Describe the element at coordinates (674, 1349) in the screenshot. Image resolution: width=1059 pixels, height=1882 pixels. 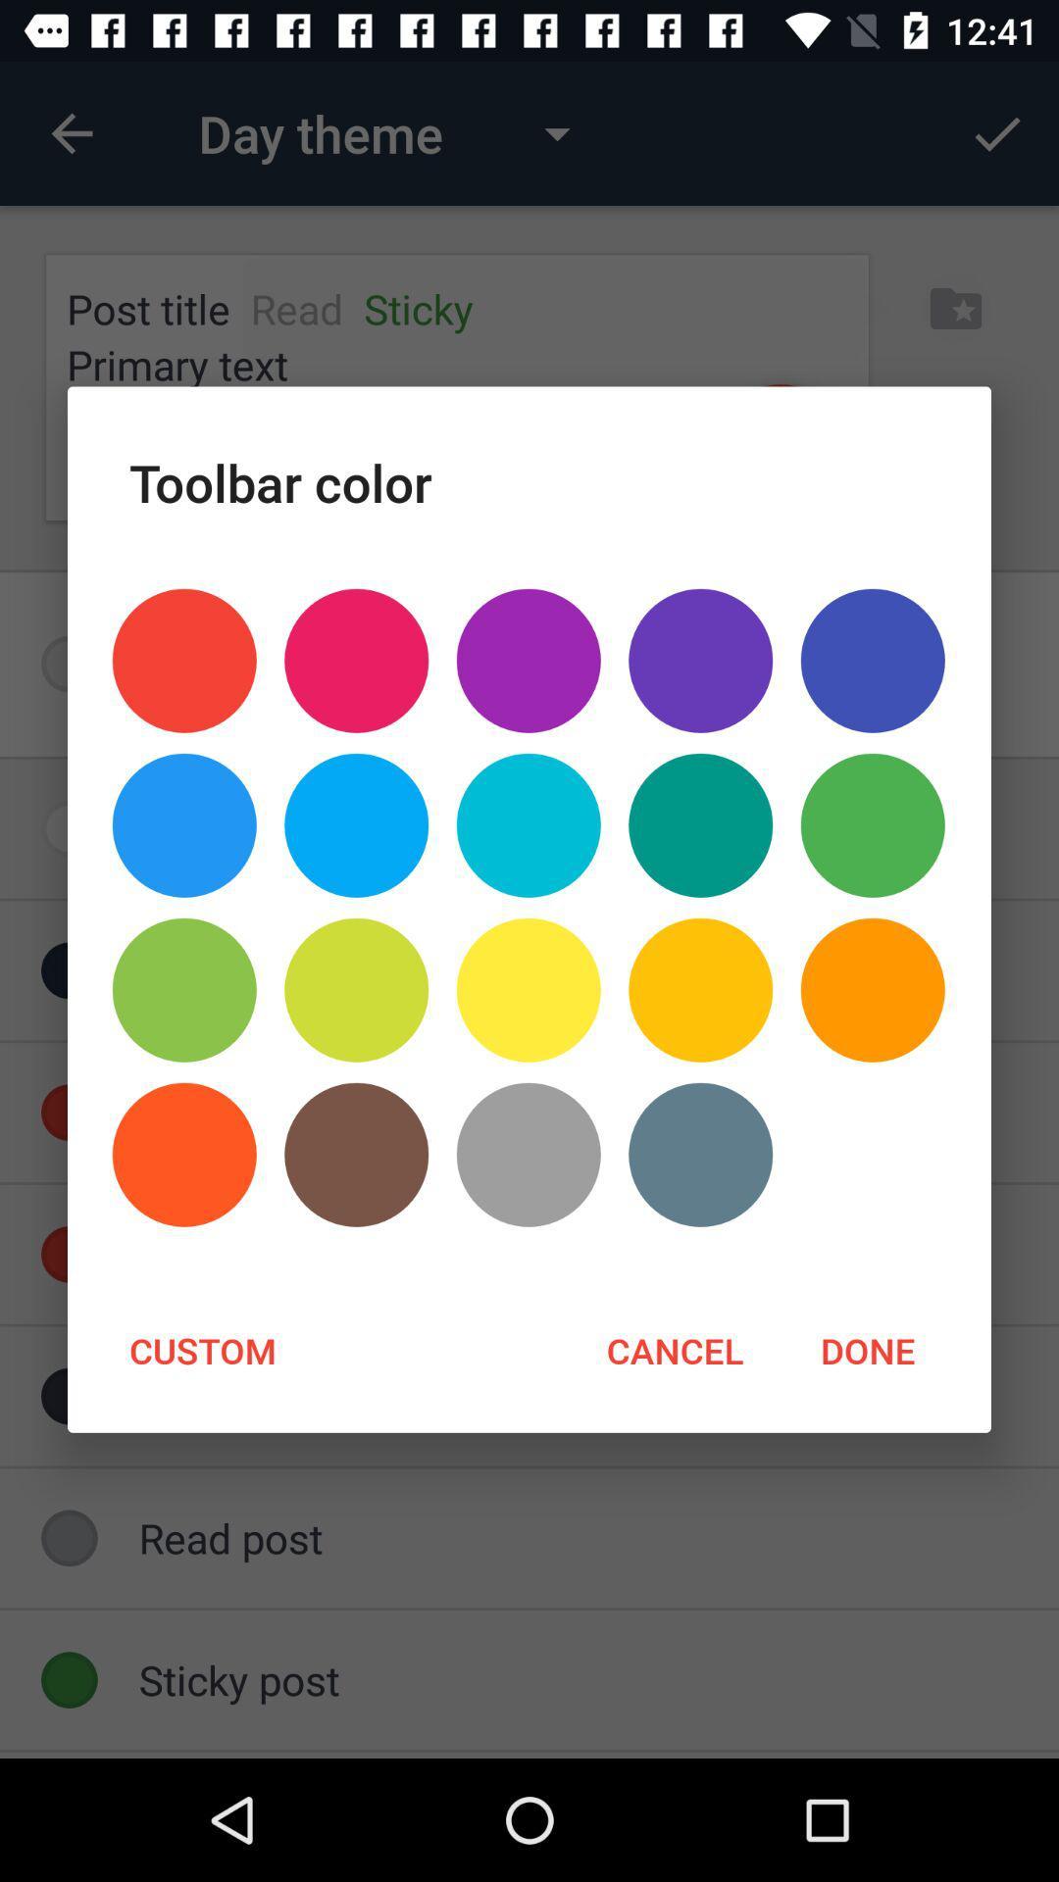
I see `the item next to custom item` at that location.